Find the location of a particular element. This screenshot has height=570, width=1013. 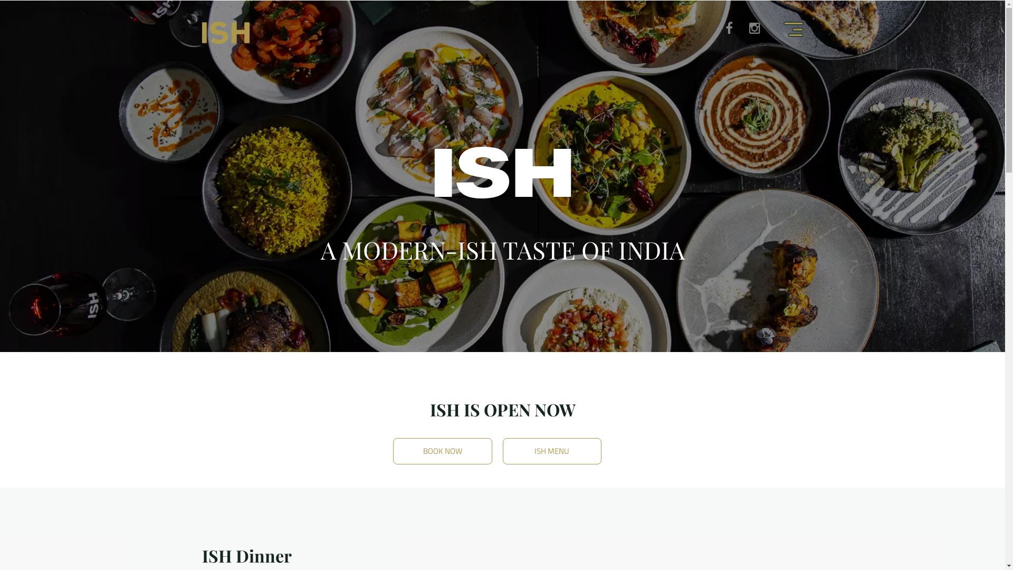

'ISH MENU' is located at coordinates (551, 451).